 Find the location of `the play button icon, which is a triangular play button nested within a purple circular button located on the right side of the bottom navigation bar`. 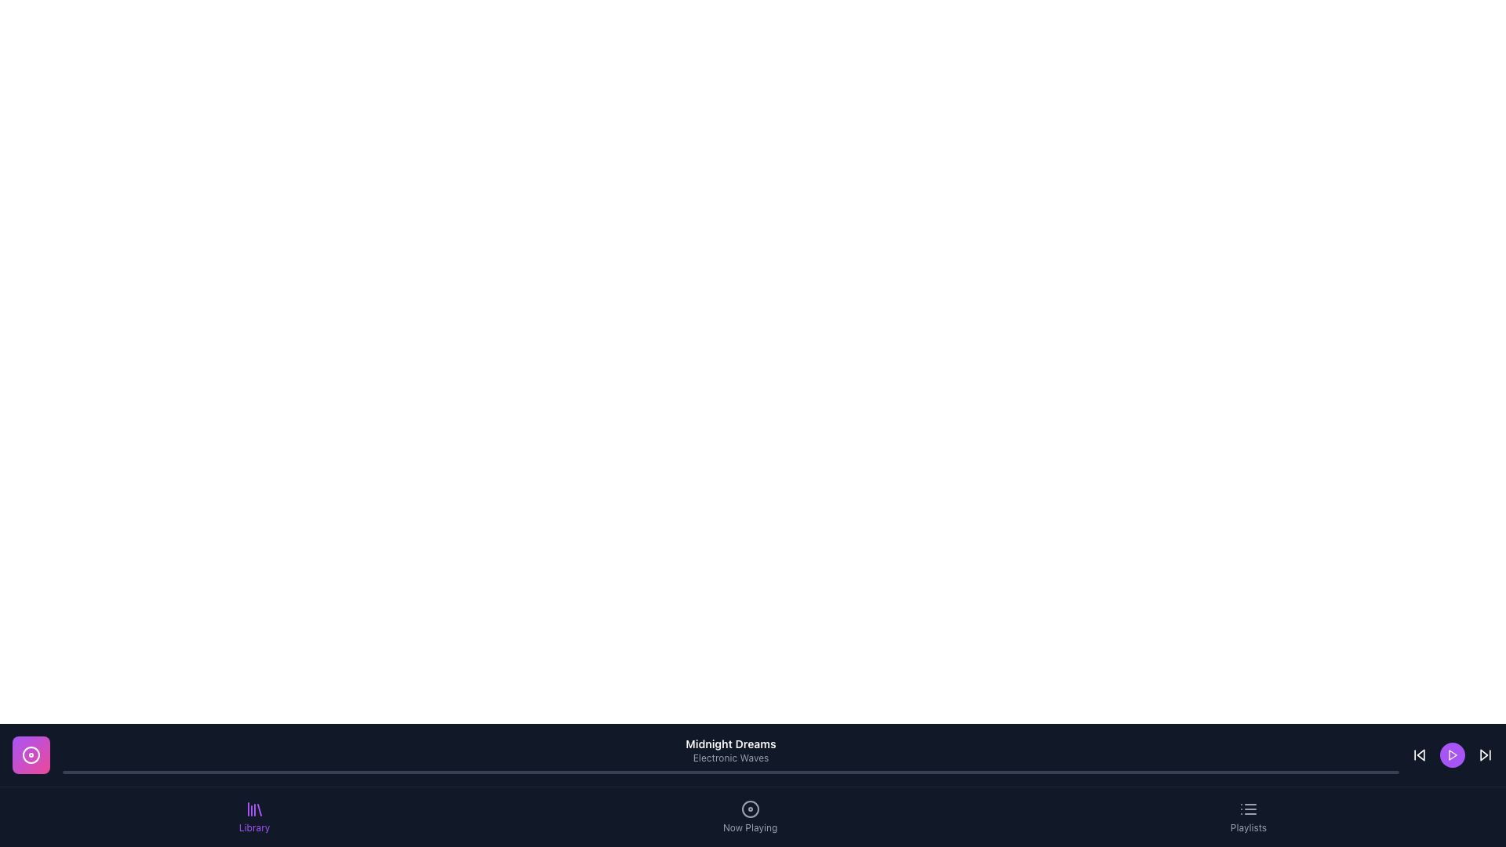

the play button icon, which is a triangular play button nested within a purple circular button located on the right side of the bottom navigation bar is located at coordinates (1452, 754).